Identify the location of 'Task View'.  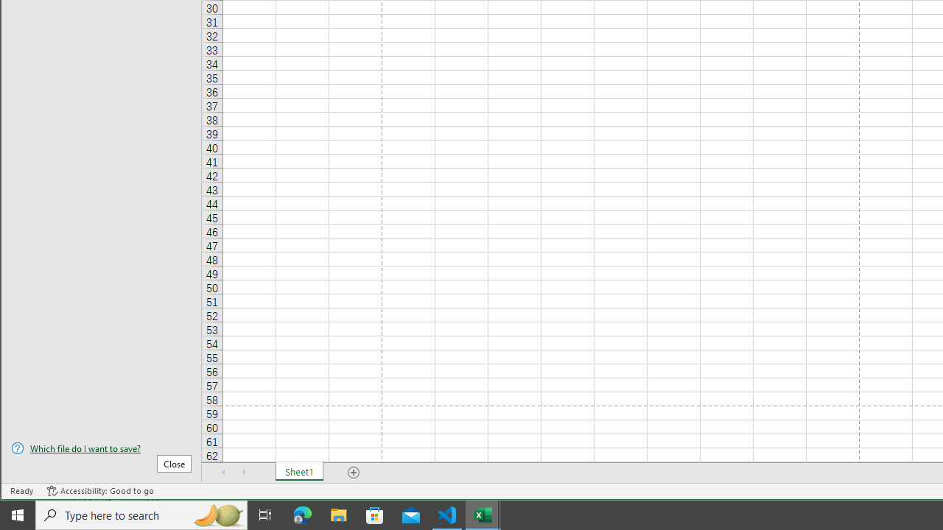
(264, 514).